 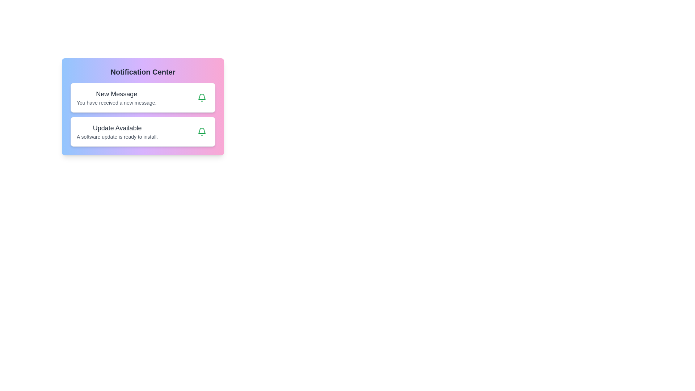 What do you see at coordinates (202, 131) in the screenshot?
I see `the circular green bell icon button located in the notification card labeled 'Update Available'` at bounding box center [202, 131].